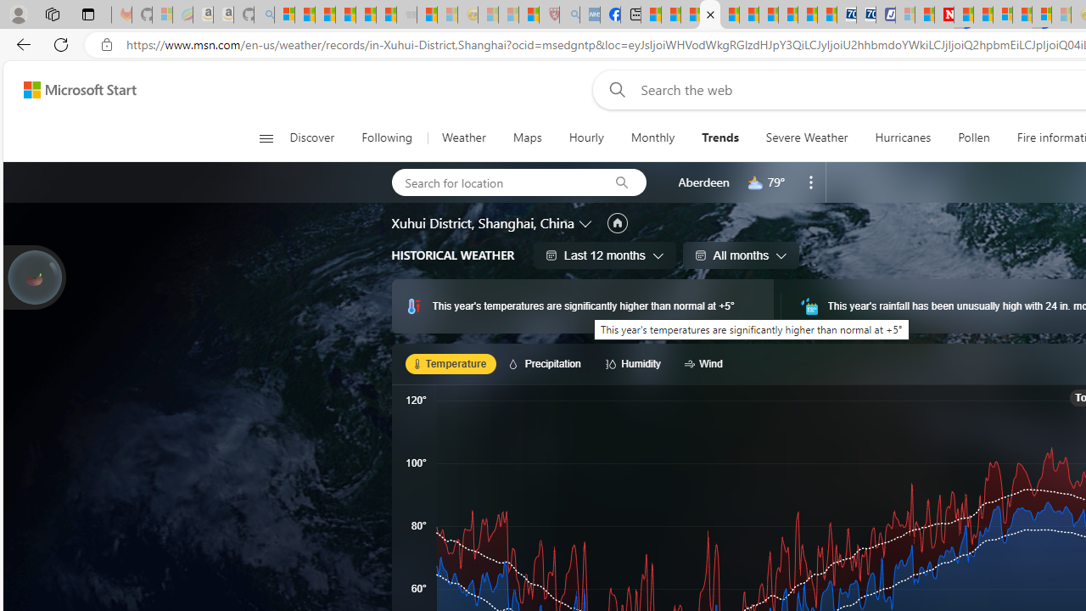  Describe the element at coordinates (652, 137) in the screenshot. I see `'Monthly'` at that location.